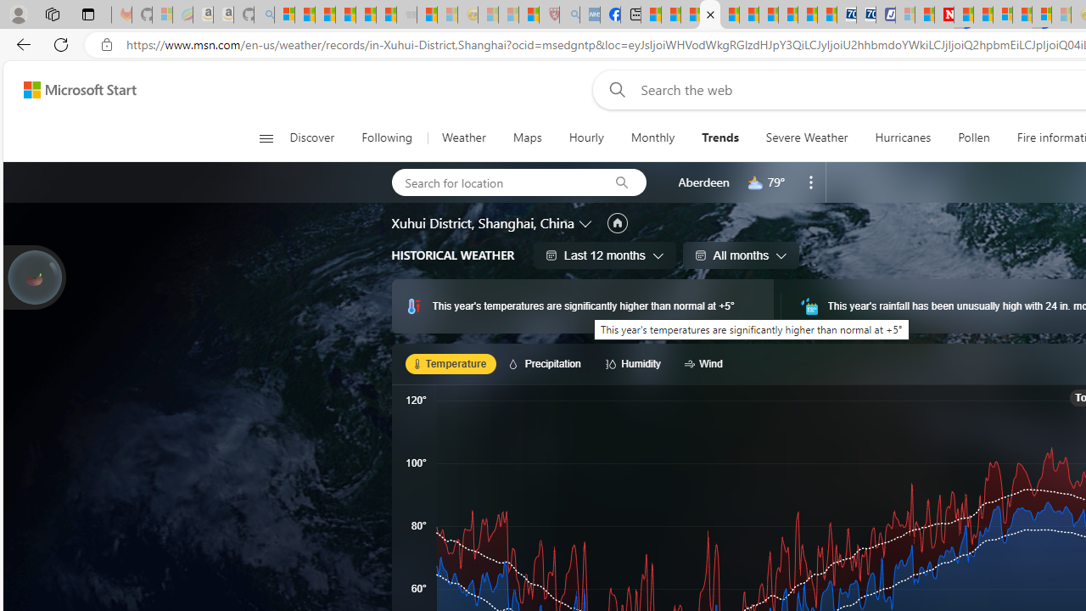  Describe the element at coordinates (652, 137) in the screenshot. I see `'Monthly'` at that location.